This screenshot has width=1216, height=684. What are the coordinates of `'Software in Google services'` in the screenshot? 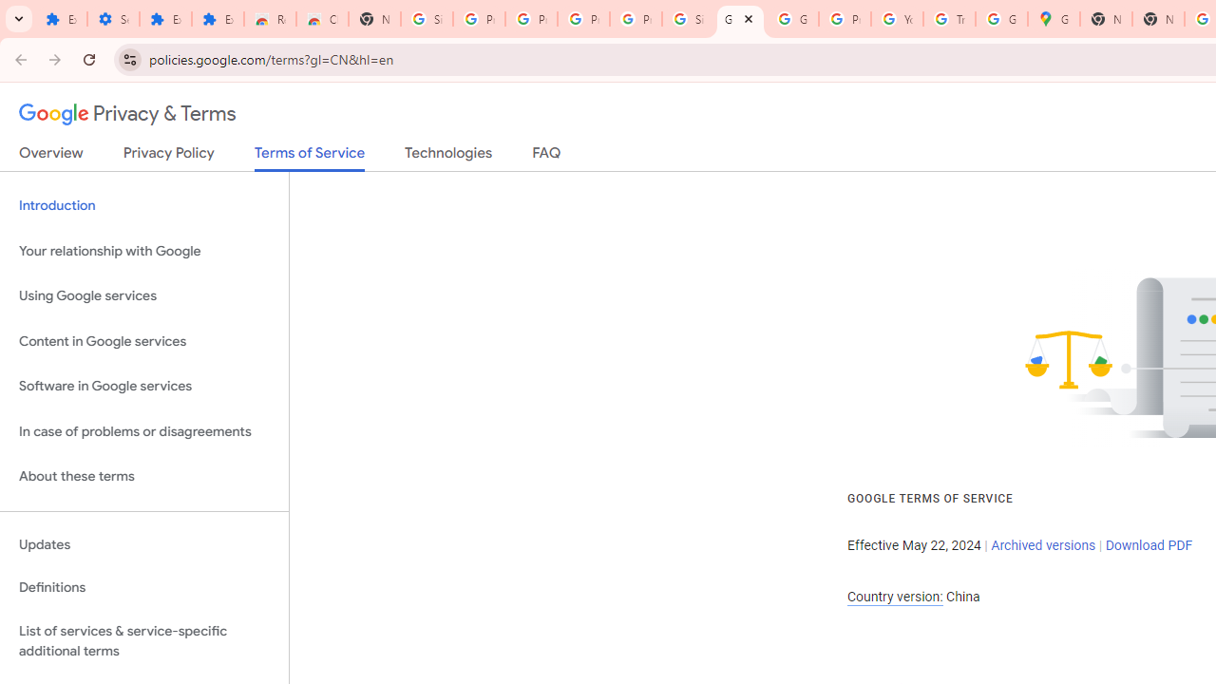 It's located at (143, 386).